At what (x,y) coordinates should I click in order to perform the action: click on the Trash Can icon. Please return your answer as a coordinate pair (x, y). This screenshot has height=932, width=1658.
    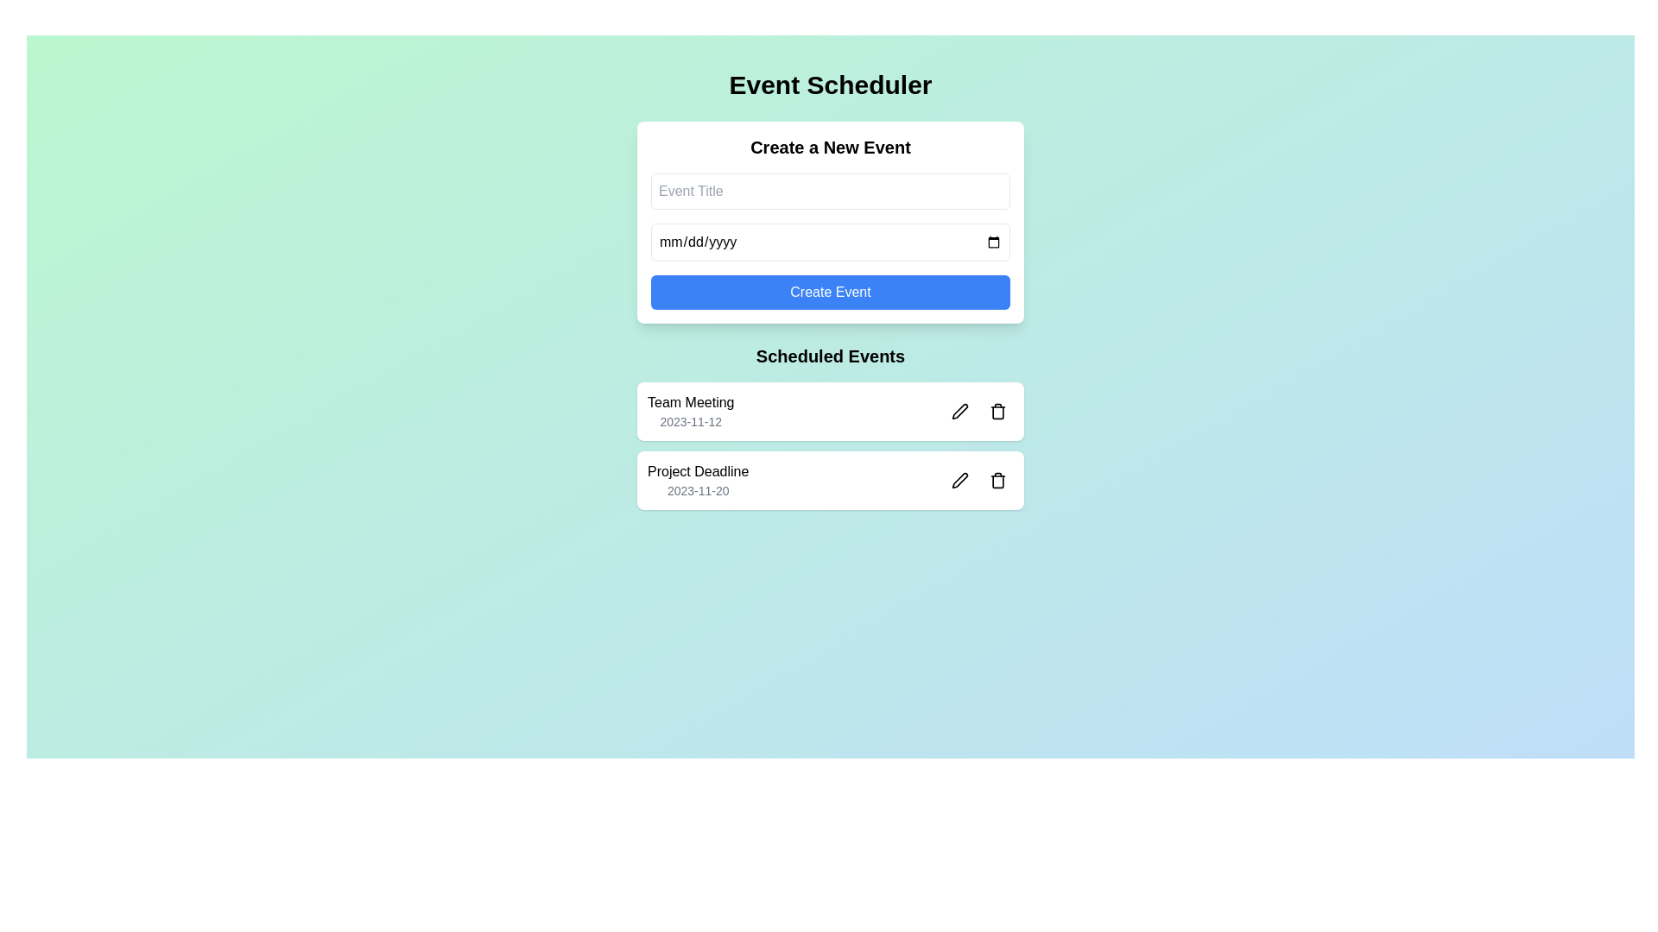
    Looking at the image, I should click on (998, 480).